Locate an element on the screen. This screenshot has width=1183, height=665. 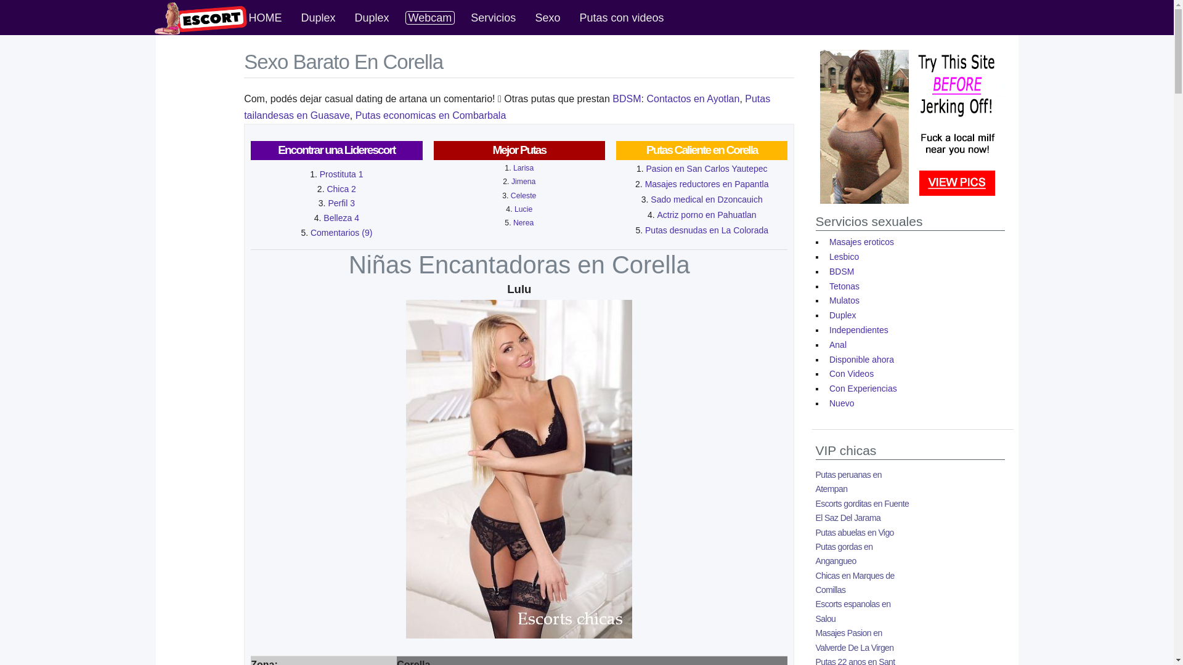
'Independientes' is located at coordinates (827, 329).